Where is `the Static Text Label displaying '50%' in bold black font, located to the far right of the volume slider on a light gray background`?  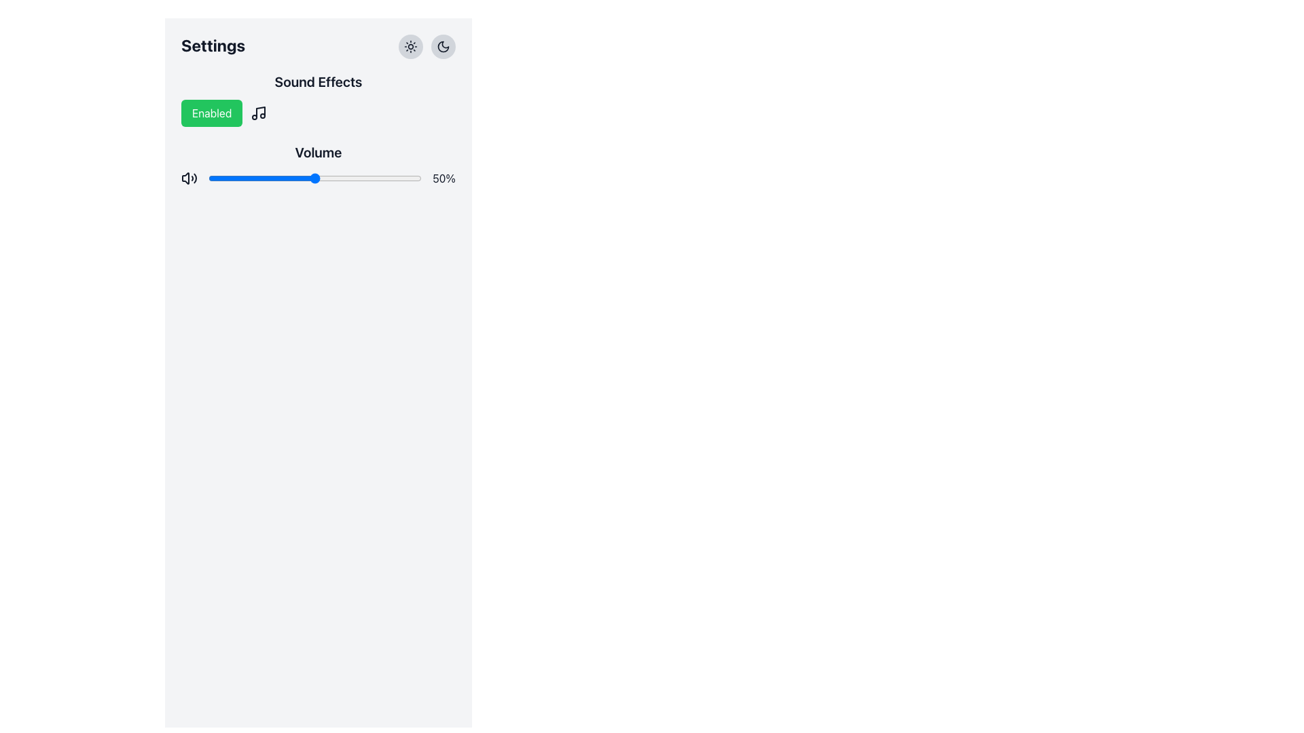
the Static Text Label displaying '50%' in bold black font, located to the far right of the volume slider on a light gray background is located at coordinates (444, 177).